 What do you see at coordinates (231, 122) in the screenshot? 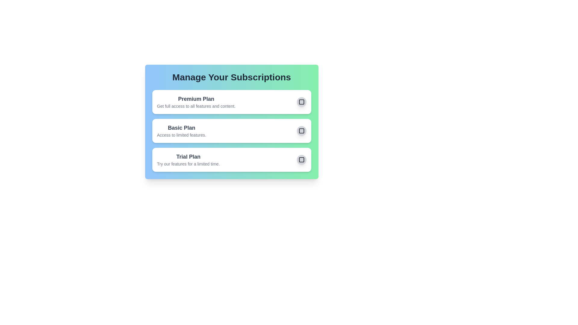
I see `the 'Basic Plan' subscription card` at bounding box center [231, 122].